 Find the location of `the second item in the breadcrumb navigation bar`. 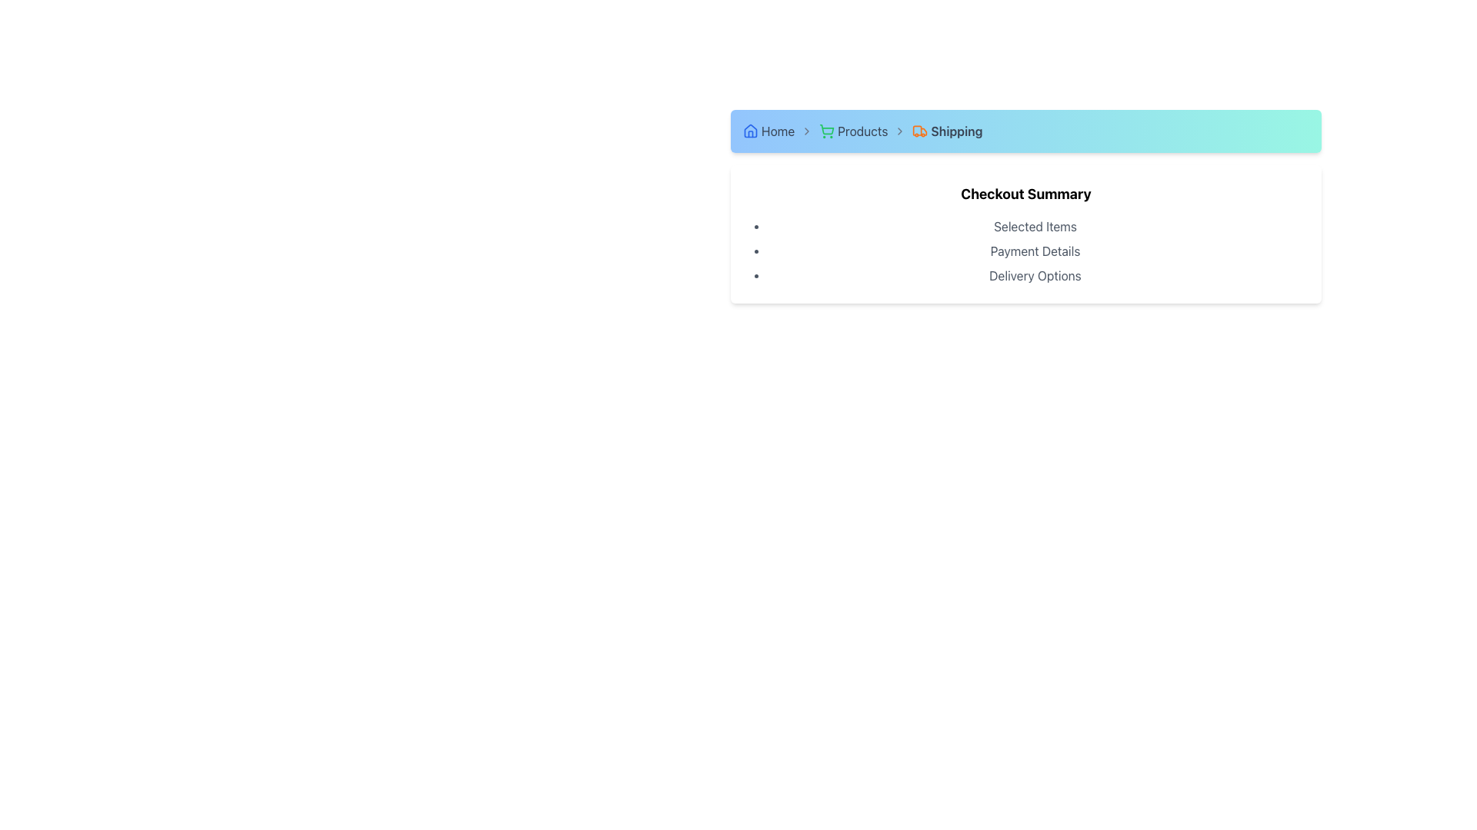

the second item in the breadcrumb navigation bar is located at coordinates (852, 130).